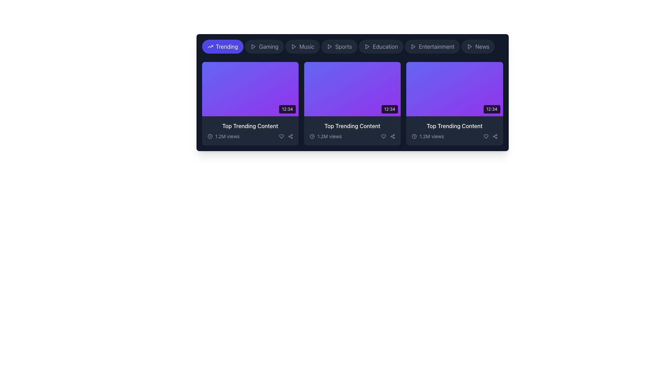 Image resolution: width=669 pixels, height=376 pixels. I want to click on the timestamp displayed on the small rectangular label with rounded corners, showing '12:34' in white text on a black semi-transparent background, located at the bottom-right corner of the first video thumbnail card, so click(287, 109).